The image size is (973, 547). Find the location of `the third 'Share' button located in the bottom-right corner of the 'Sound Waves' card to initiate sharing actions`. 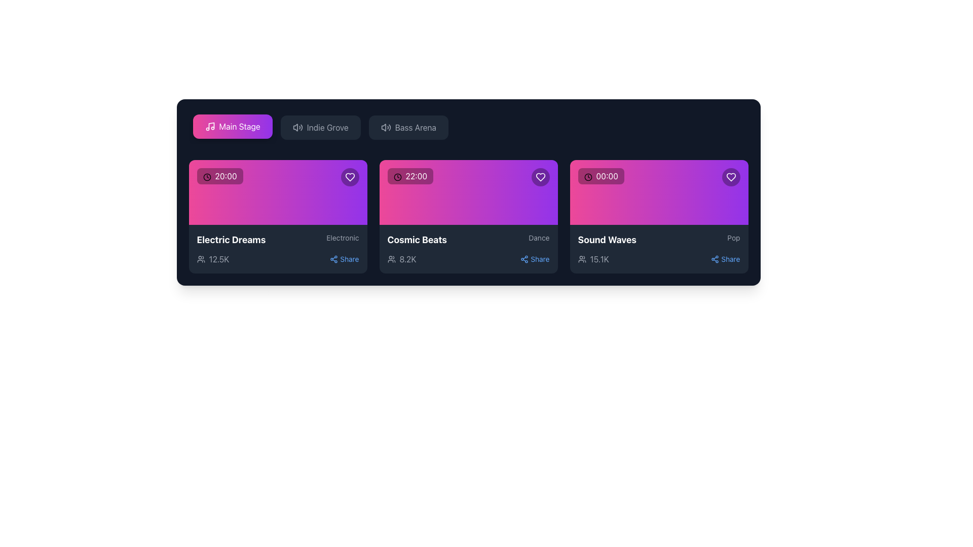

the third 'Share' button located in the bottom-right corner of the 'Sound Waves' card to initiate sharing actions is located at coordinates (725, 259).